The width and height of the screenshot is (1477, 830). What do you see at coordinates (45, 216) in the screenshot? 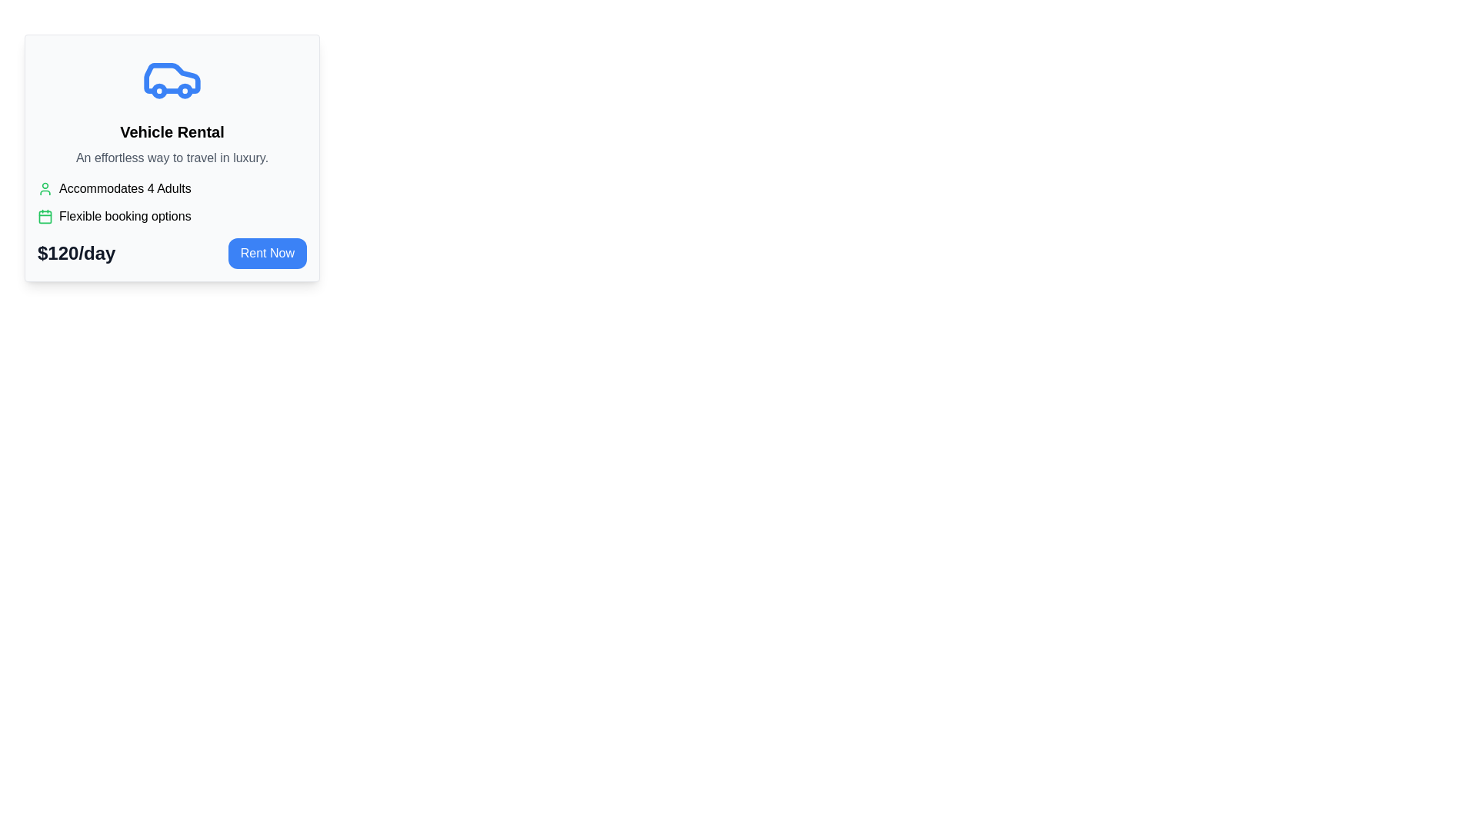
I see `the calendar icon located in the 'Flexible booking options' section, which serves as a visual aid for booking functionality` at bounding box center [45, 216].